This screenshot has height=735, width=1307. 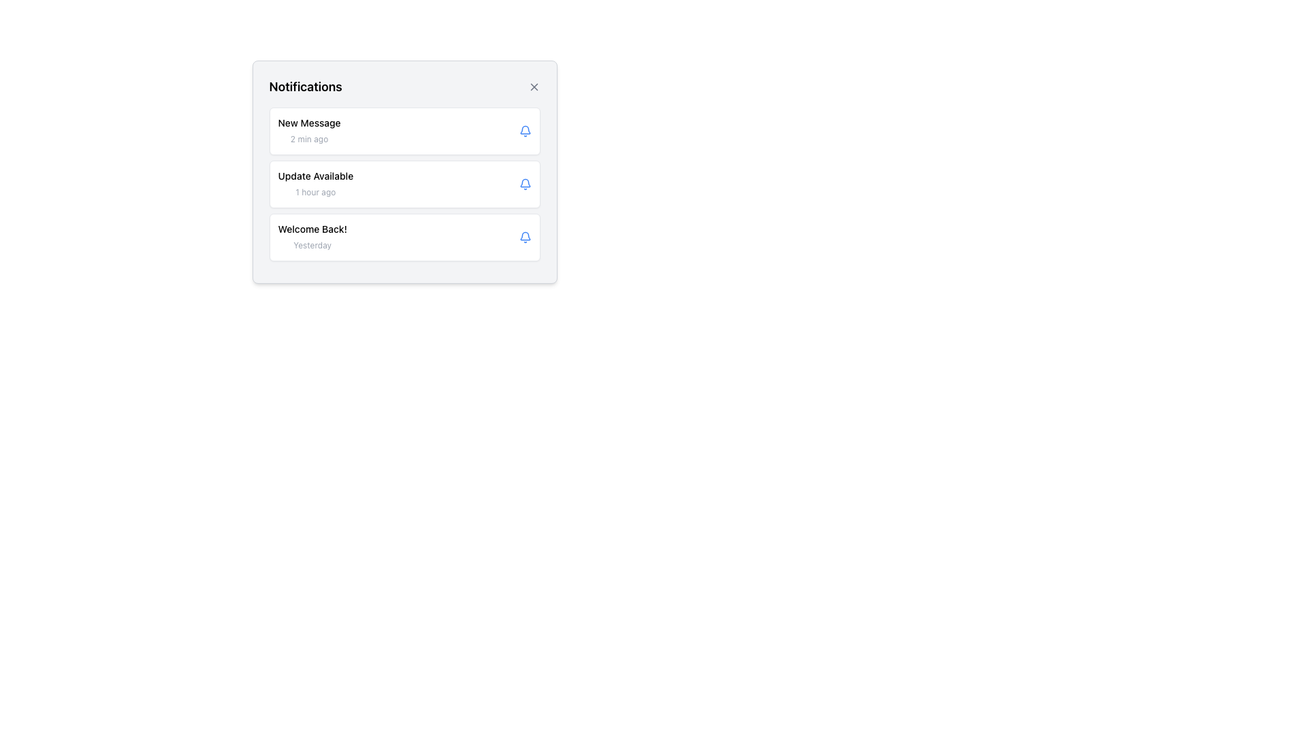 I want to click on the Close Icon located at the top-right corner of the notification dialog box to potentially close the dialog, so click(x=533, y=86).